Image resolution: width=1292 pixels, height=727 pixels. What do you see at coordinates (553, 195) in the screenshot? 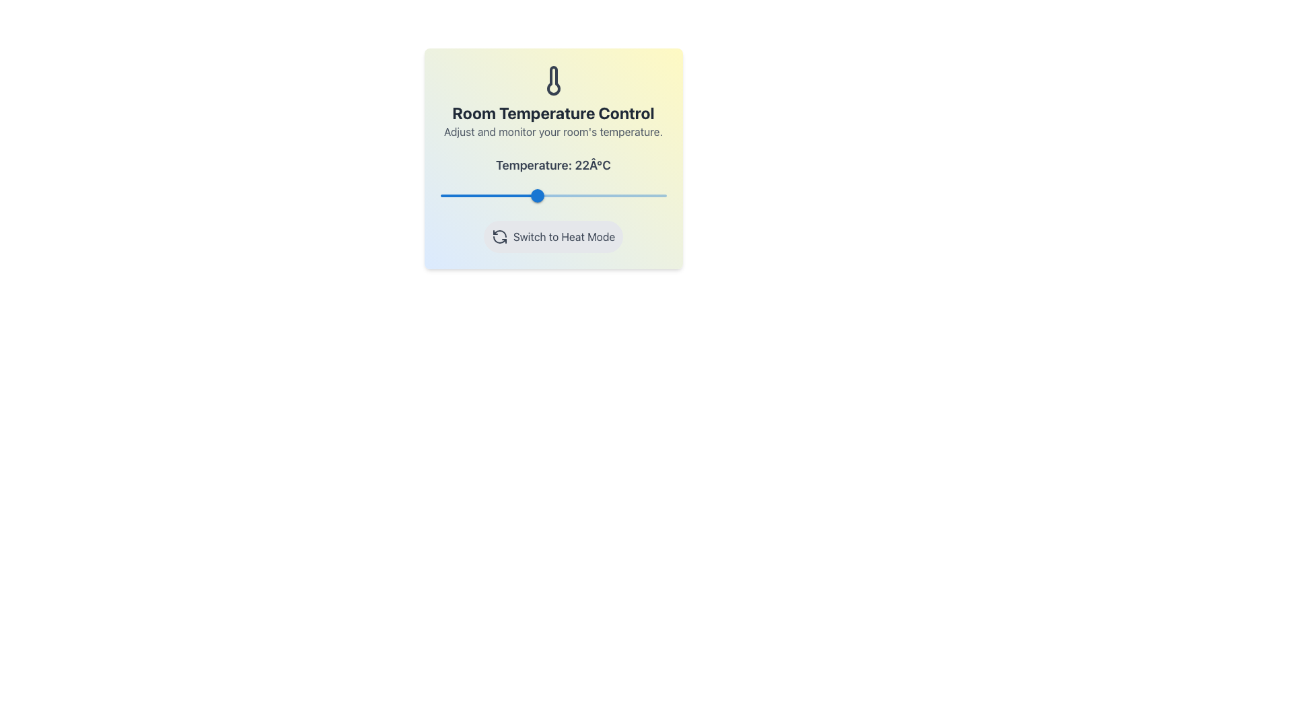
I see `the Slider Rail, which is a thin red line that serves as the inactive track of the horizontal slider component` at bounding box center [553, 195].